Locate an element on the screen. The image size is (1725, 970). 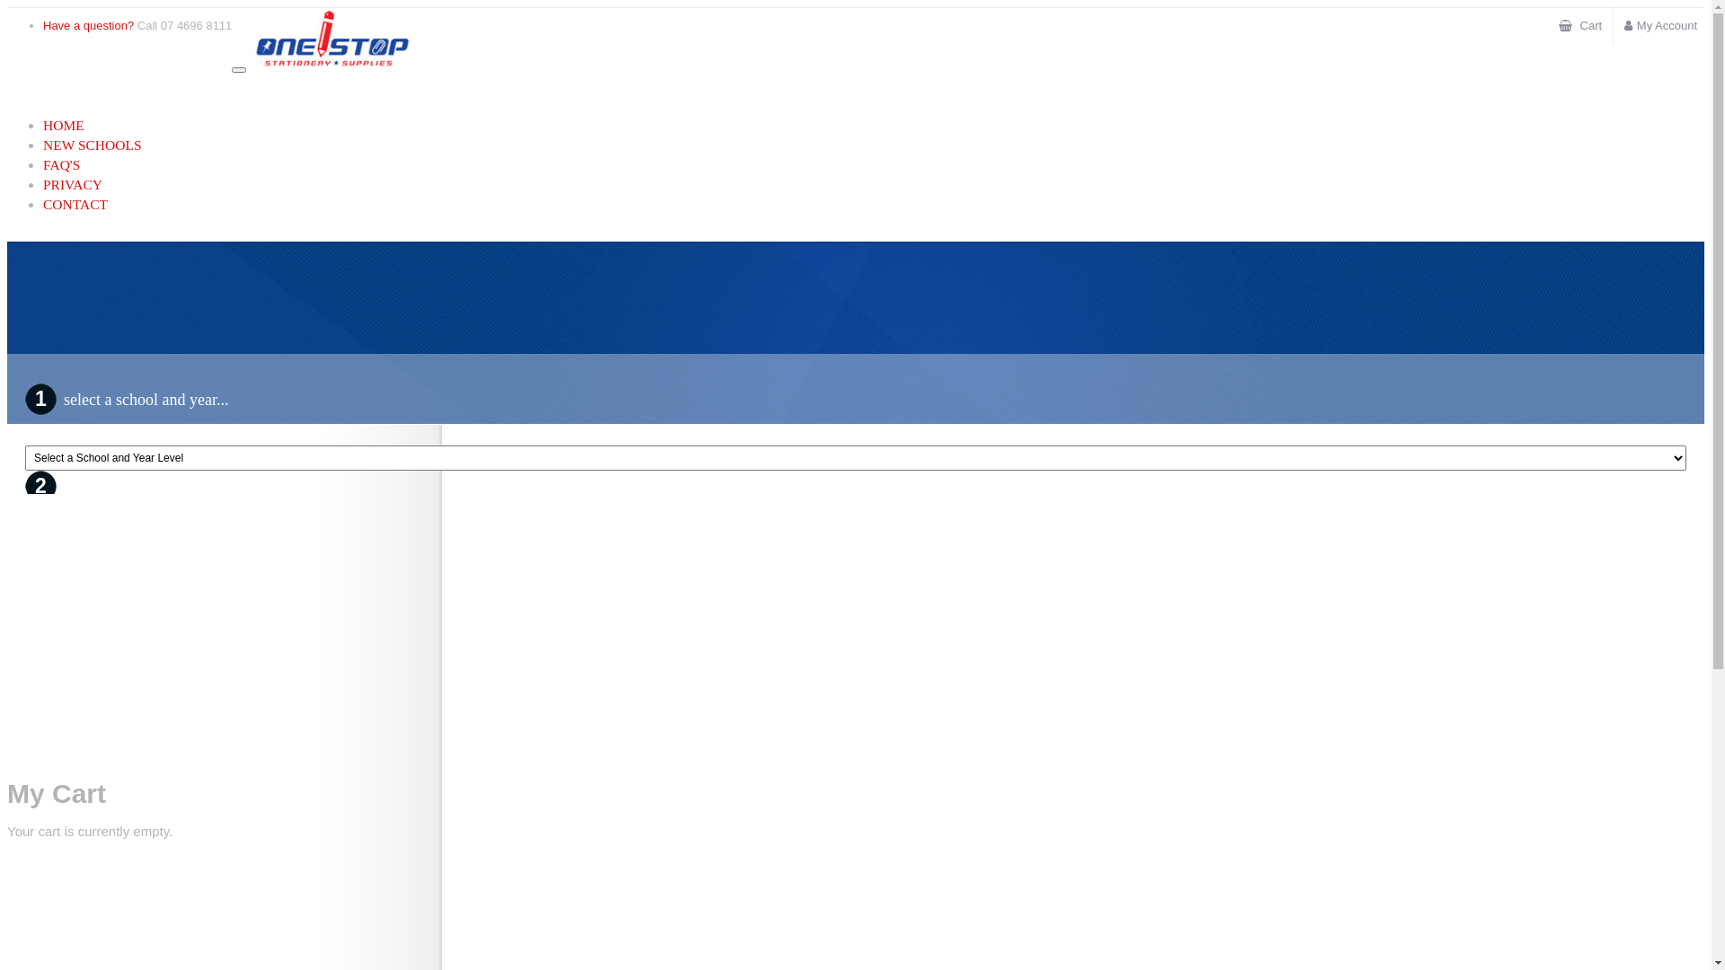
'PRIVACY' is located at coordinates (72, 184).